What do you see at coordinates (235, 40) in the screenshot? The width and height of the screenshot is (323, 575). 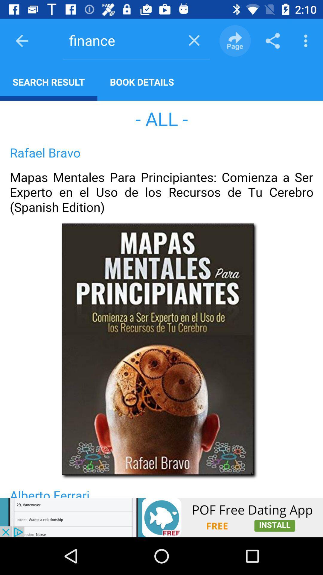 I see `the arrow_forward icon` at bounding box center [235, 40].